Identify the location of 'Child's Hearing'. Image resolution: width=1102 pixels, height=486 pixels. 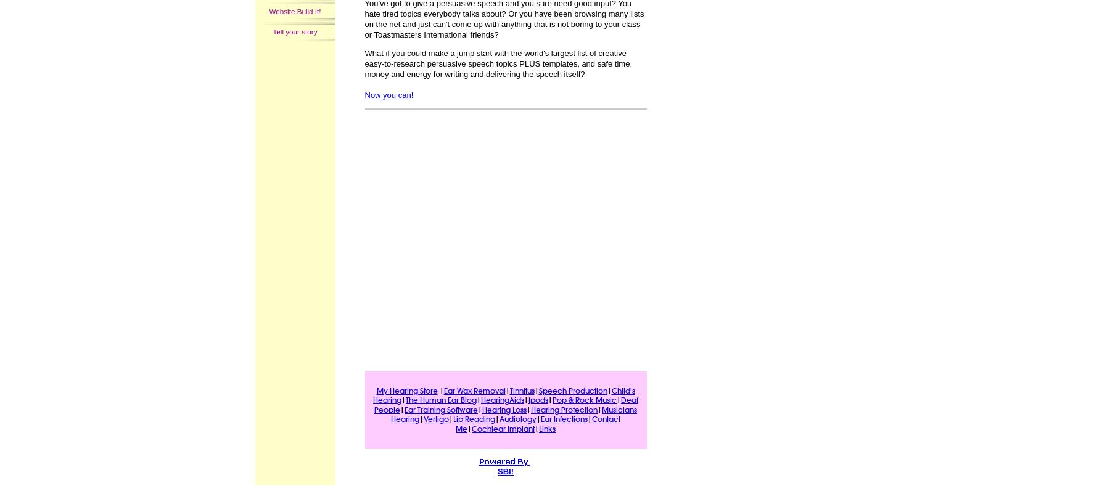
(504, 394).